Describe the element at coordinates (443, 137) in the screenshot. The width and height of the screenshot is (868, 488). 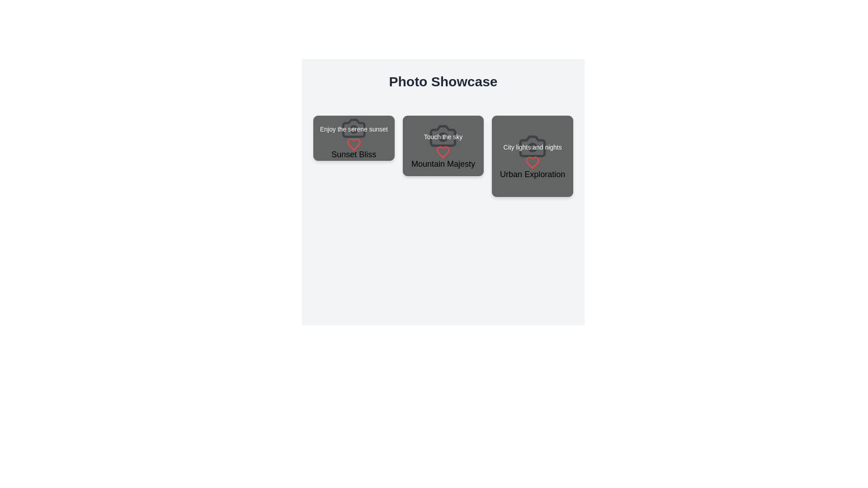
I see `the text label displaying 'Touch the sky' located in the center of the card layout, positioned beneath an icon and above the text 'Mountain Majesty'` at that location.